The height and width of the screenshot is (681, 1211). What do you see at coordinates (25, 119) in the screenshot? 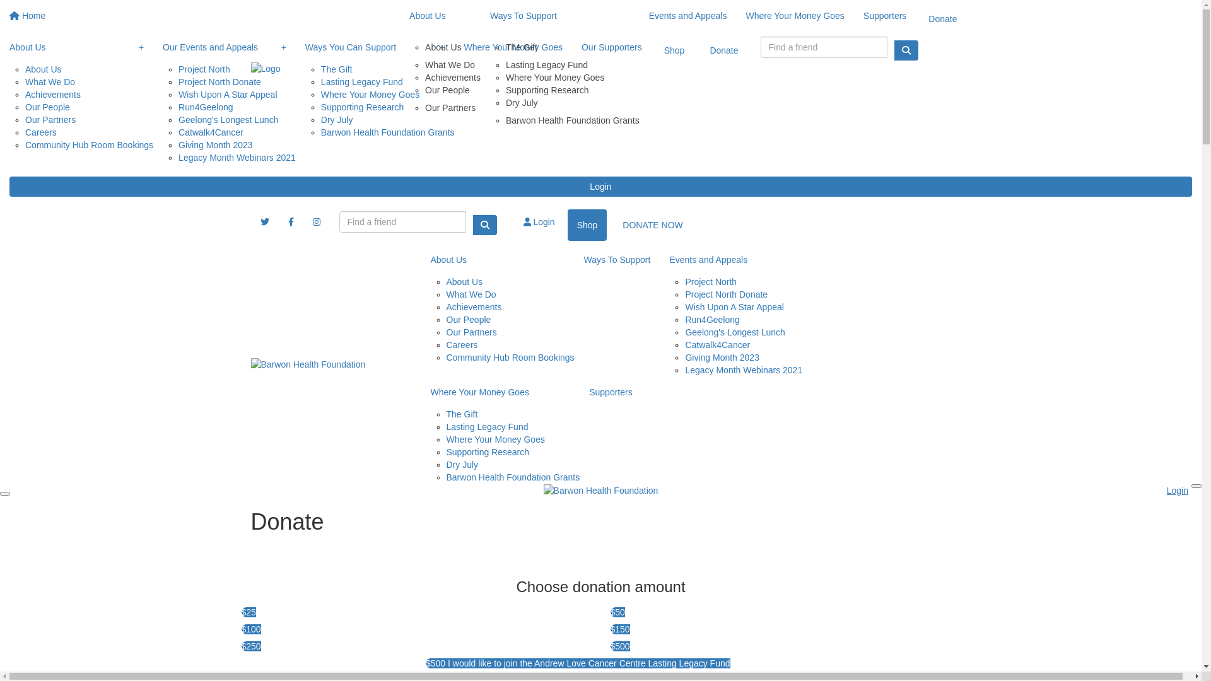
I see `'Our Partners'` at bounding box center [25, 119].